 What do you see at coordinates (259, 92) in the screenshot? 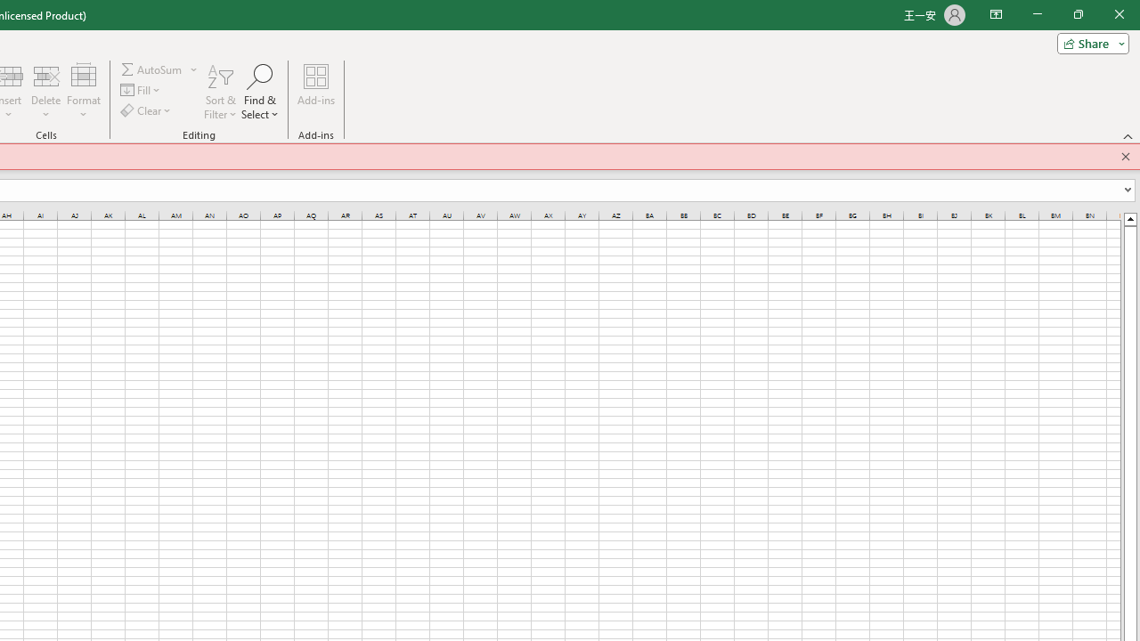
I see `'Find & Select'` at bounding box center [259, 92].